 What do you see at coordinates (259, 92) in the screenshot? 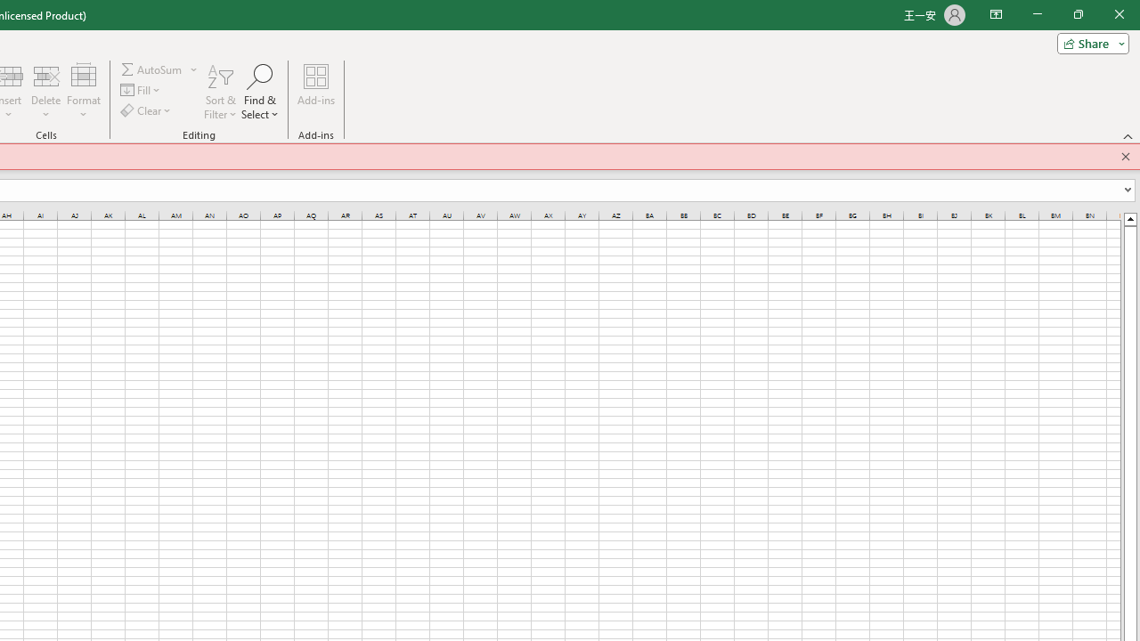
I see `'Find & Select'` at bounding box center [259, 92].